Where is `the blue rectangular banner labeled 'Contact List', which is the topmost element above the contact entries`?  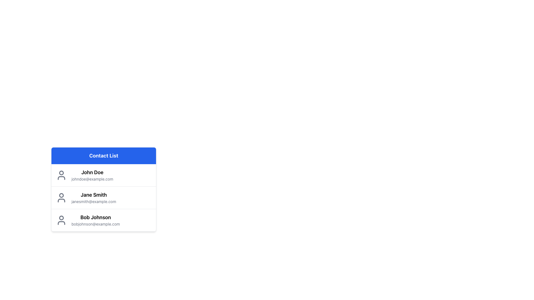 the blue rectangular banner labeled 'Contact List', which is the topmost element above the contact entries is located at coordinates (104, 156).